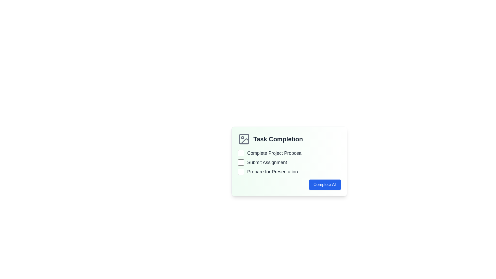 The width and height of the screenshot is (496, 279). I want to click on the text label 'Prepare for Presentation' which is styled with a bold, large font in dark gray, located in the 'Task Completion' panel as the third item in the list, to the right of a checkbox, so click(272, 172).